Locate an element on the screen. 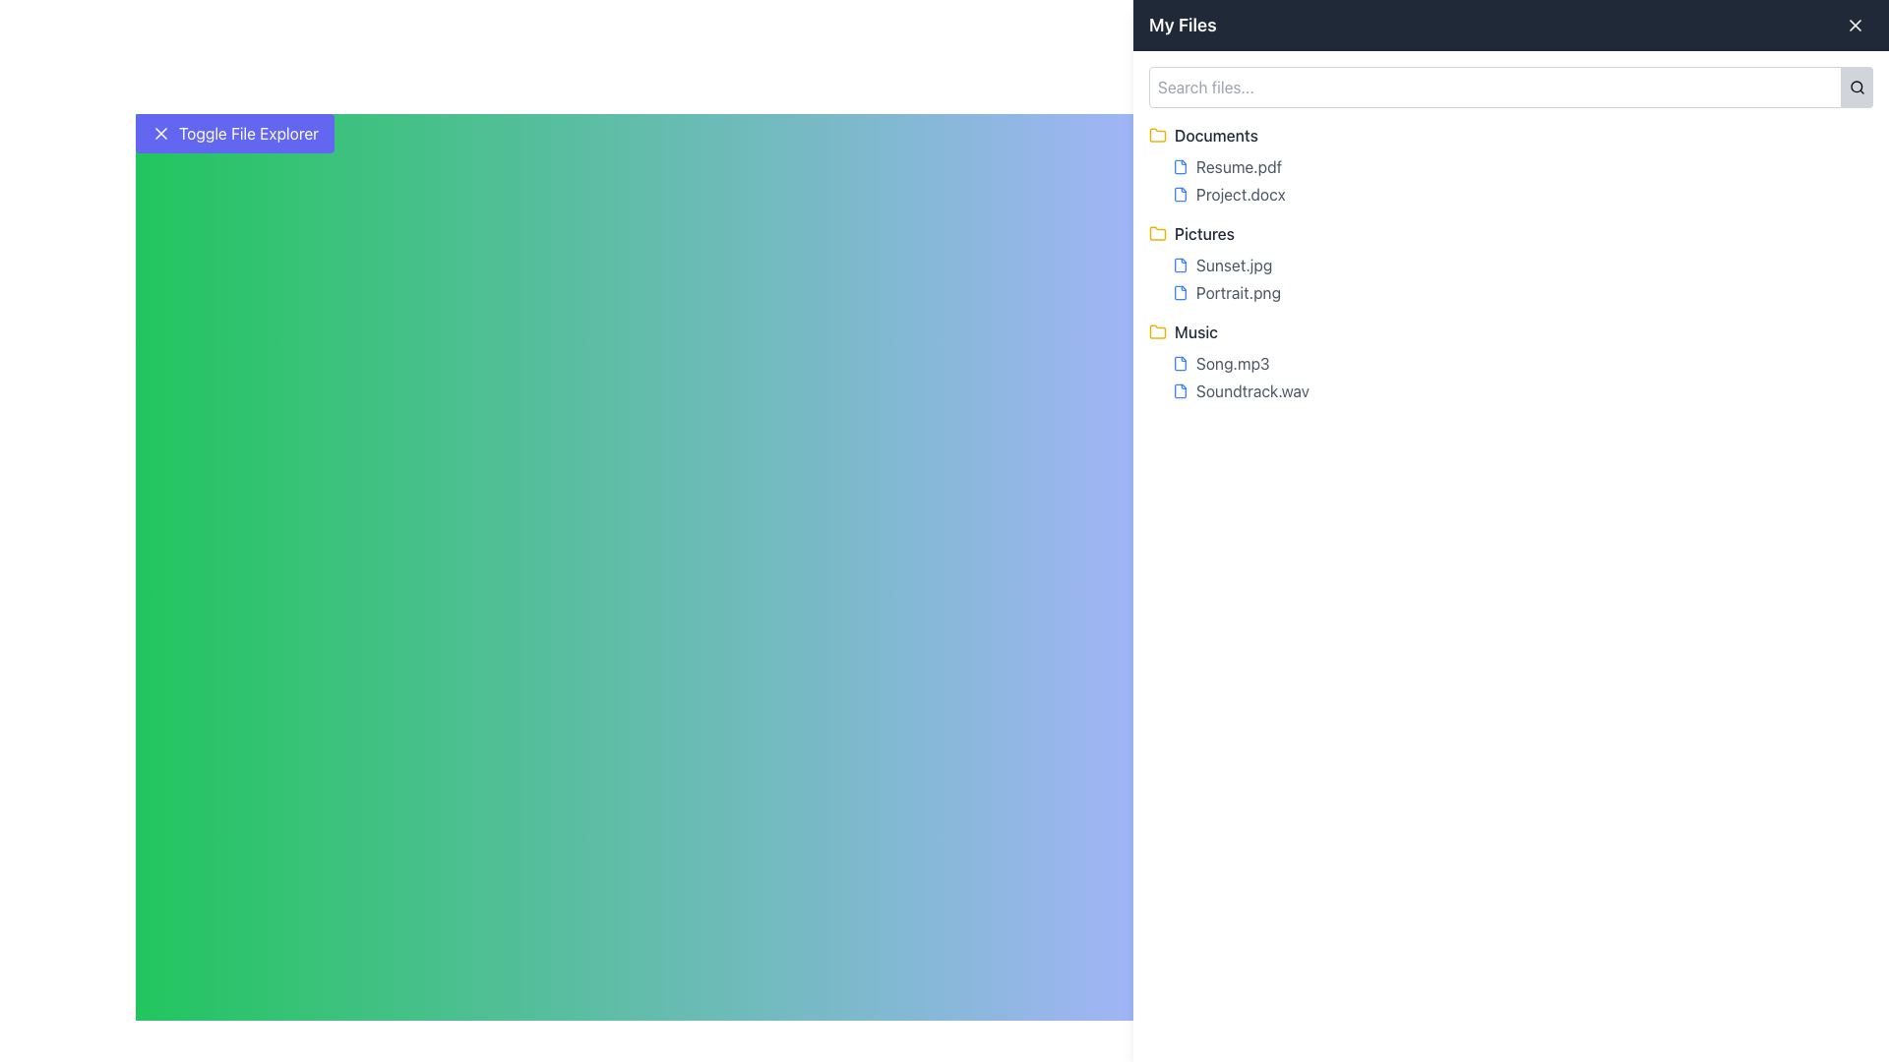 This screenshot has height=1062, width=1889. the yellow outlined folder icon located in the 'My Files' section, positioned immediately before the 'Pictures' label is located at coordinates (1157, 231).